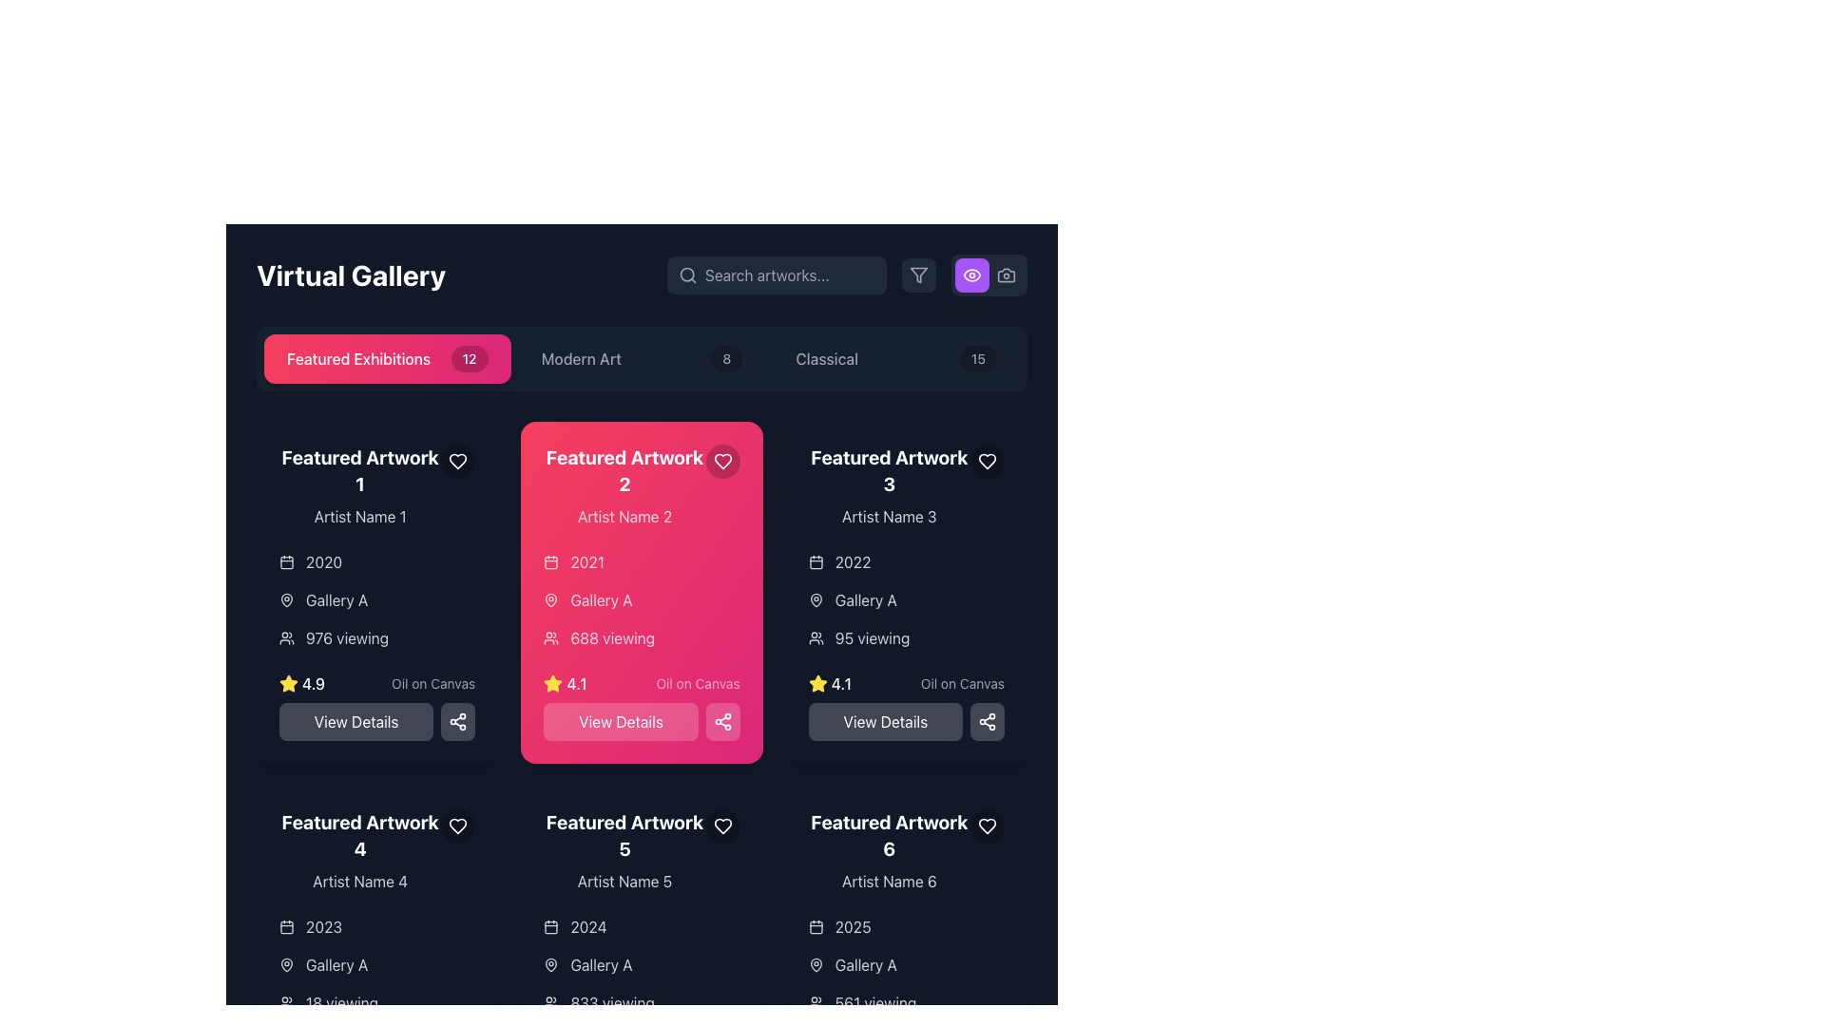  I want to click on the map pin icon located within the second card labeled 'Featured Artwork 2' adjacent to 'Gallery A' as part of the overall icon, so click(286, 599).